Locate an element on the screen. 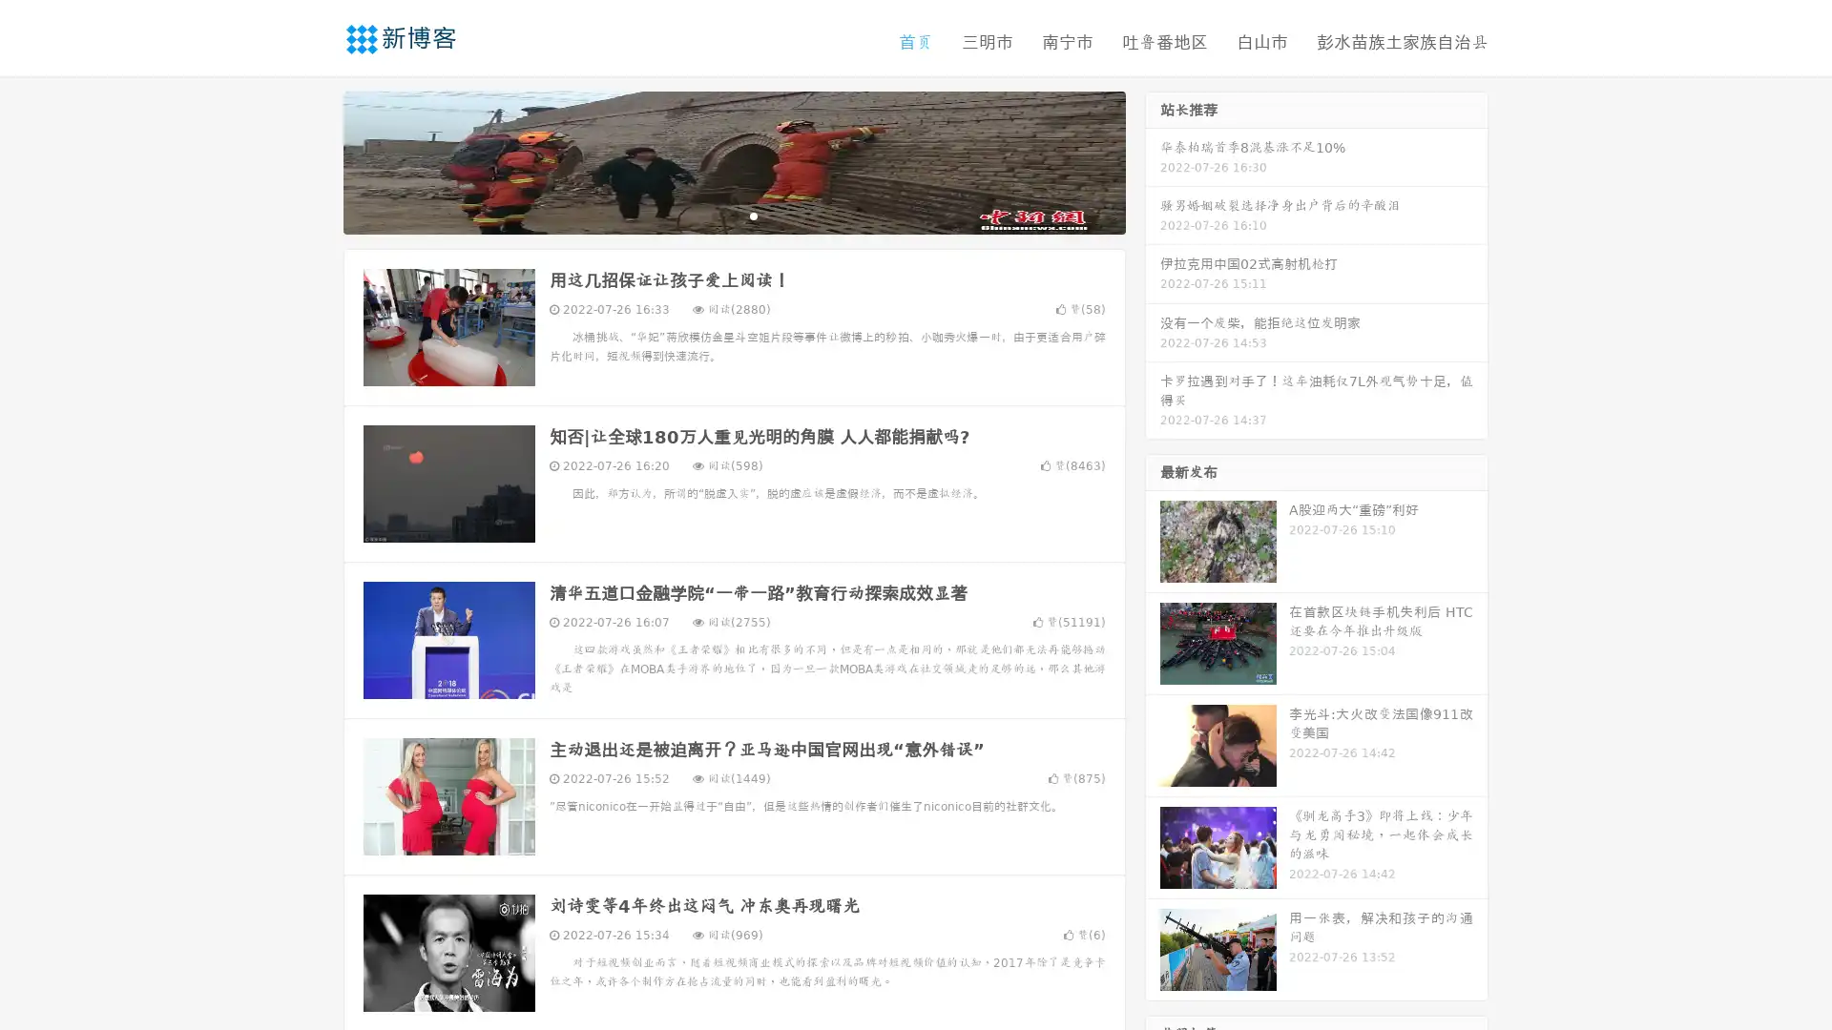 This screenshot has height=1030, width=1832. Next slide is located at coordinates (1153, 160).